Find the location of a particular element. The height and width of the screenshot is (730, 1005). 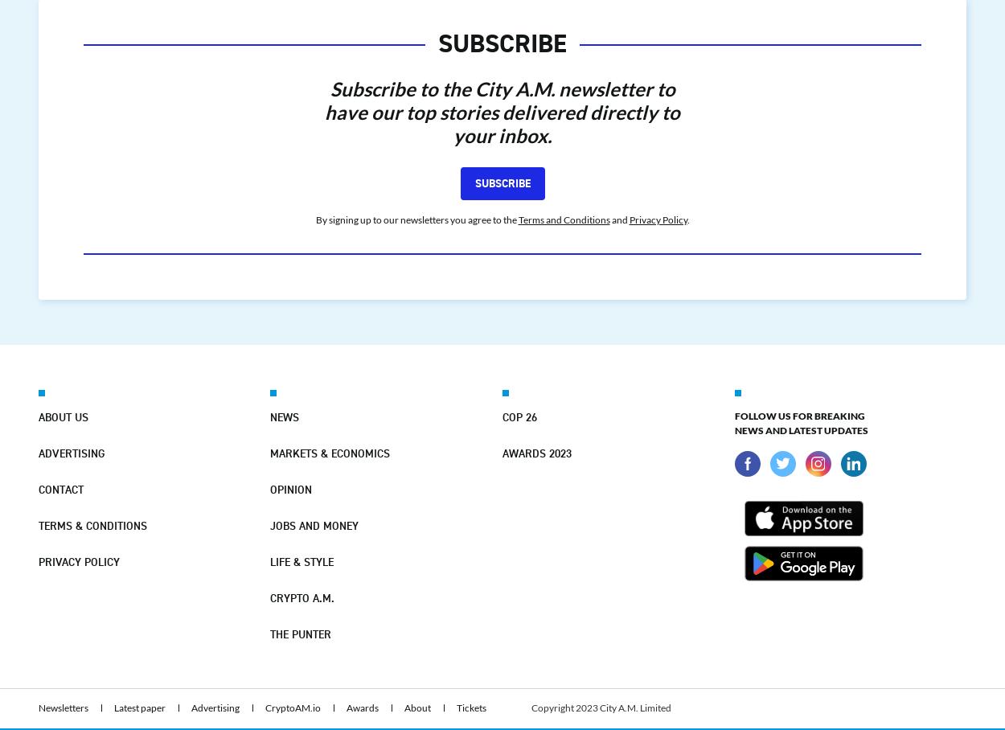

'Copyright 2023 City A.M. Limited' is located at coordinates (601, 707).